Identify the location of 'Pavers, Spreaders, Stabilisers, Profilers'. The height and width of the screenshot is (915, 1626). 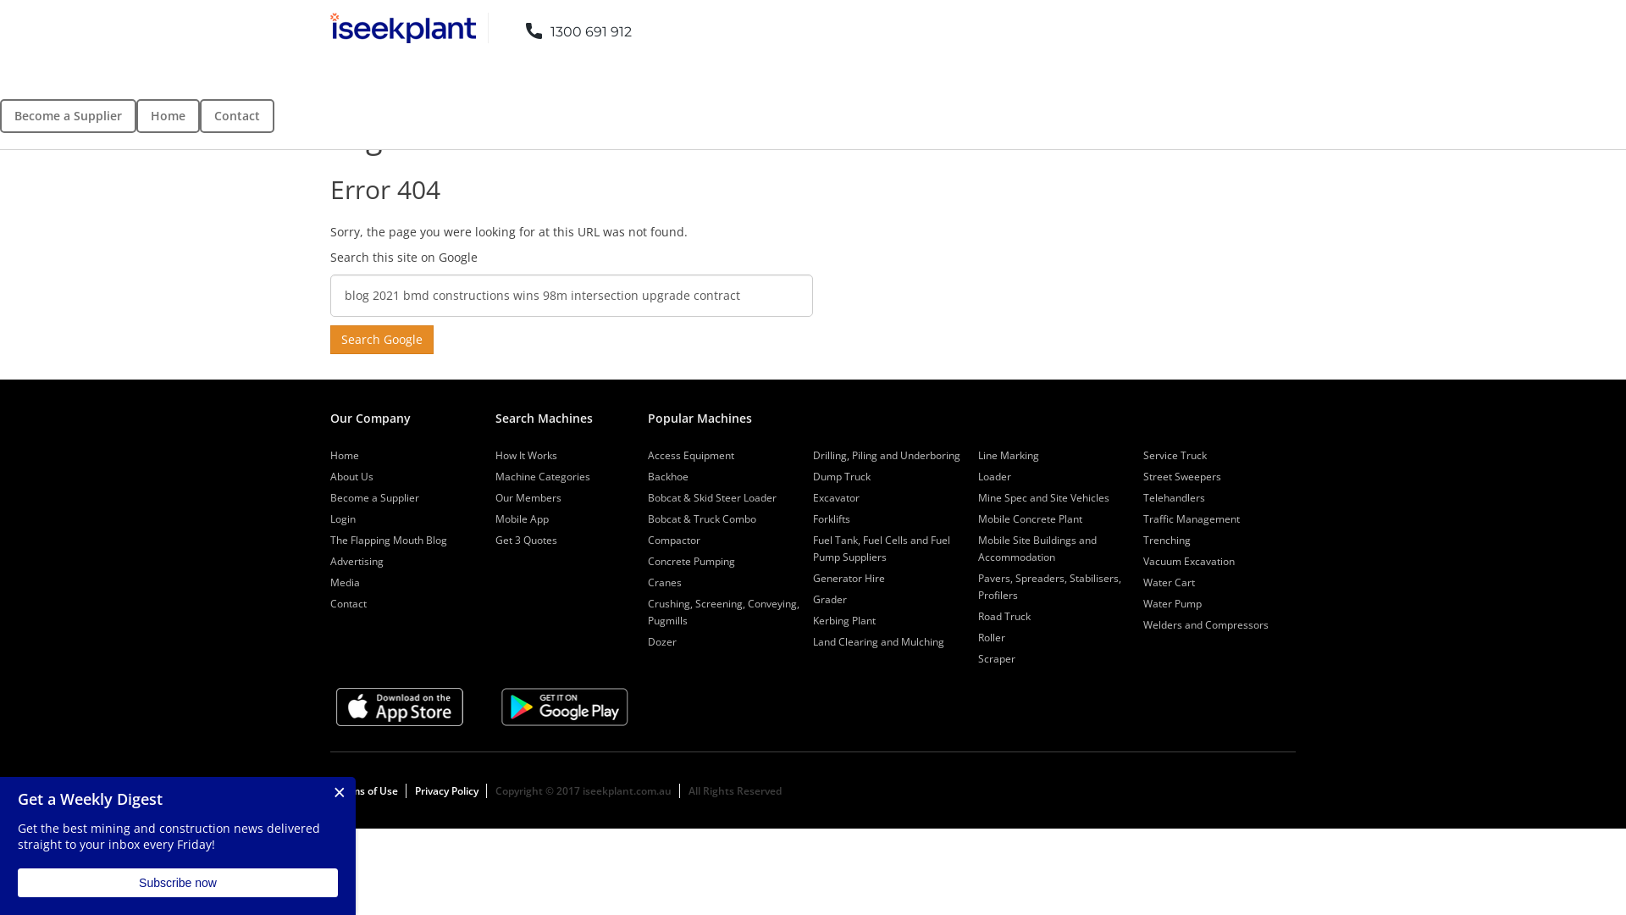
(978, 585).